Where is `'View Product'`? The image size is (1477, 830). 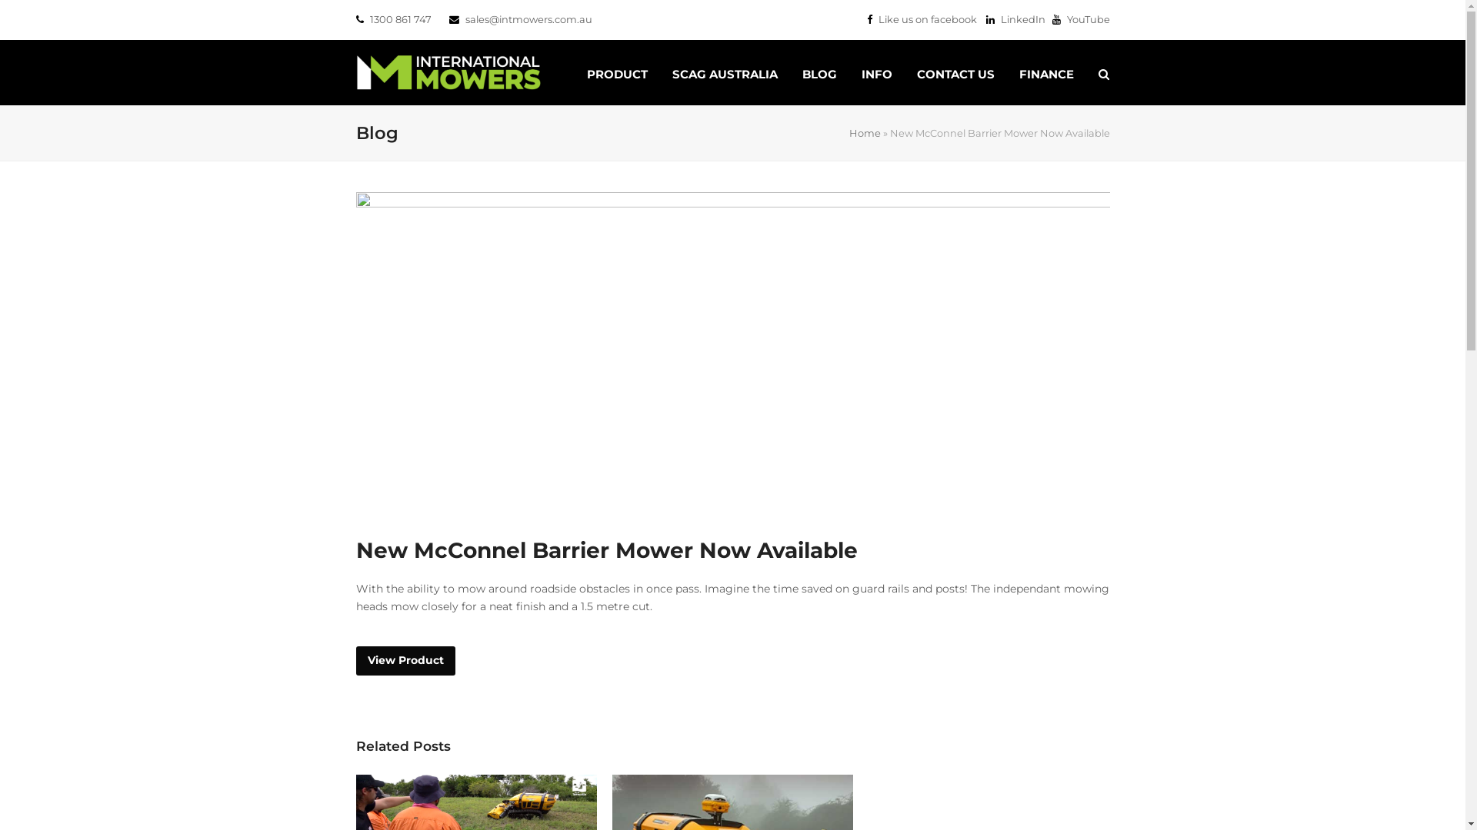
'View Product' is located at coordinates (405, 660).